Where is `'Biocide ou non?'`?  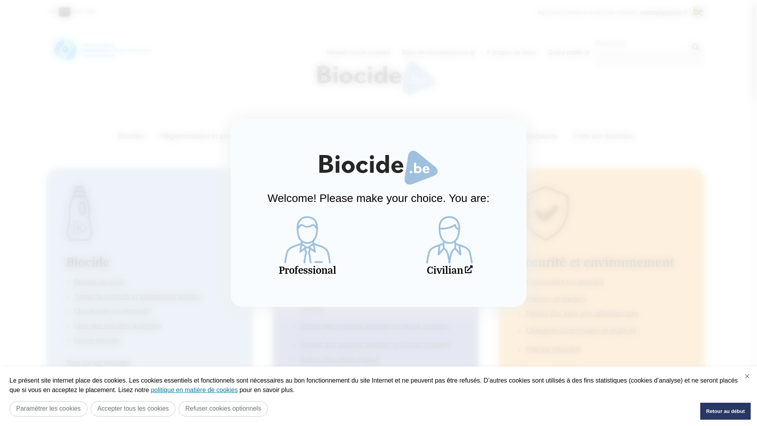 'Biocide ou non?' is located at coordinates (99, 281).